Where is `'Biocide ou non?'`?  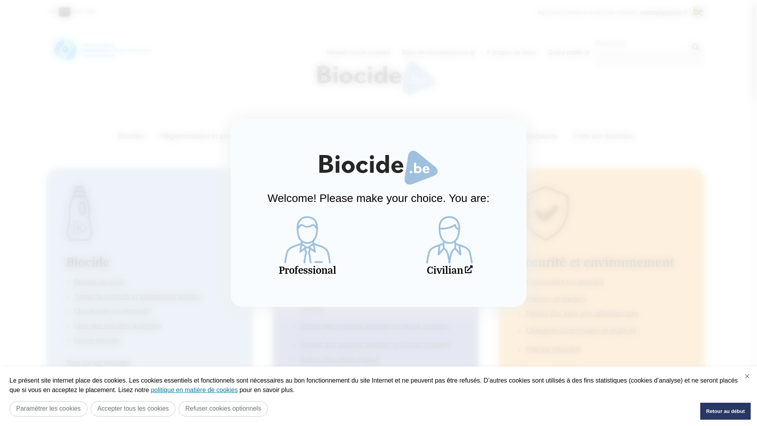 'Biocide ou non?' is located at coordinates (99, 281).